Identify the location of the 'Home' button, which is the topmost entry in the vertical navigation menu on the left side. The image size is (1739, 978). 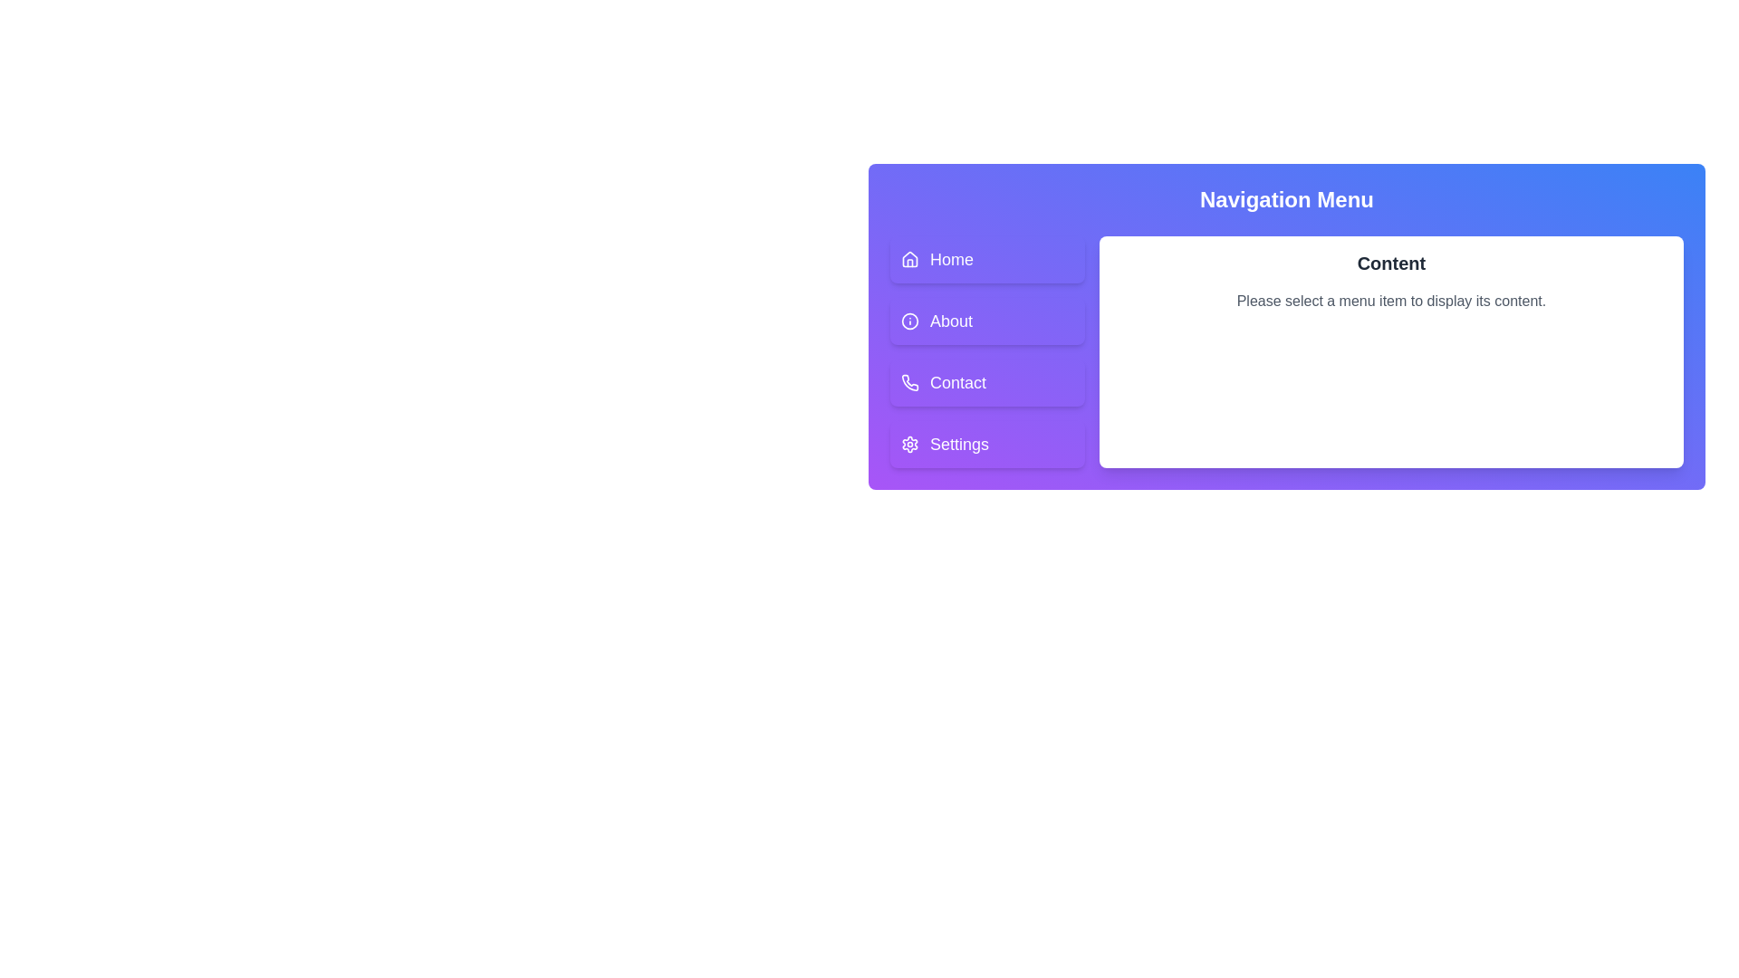
(986, 259).